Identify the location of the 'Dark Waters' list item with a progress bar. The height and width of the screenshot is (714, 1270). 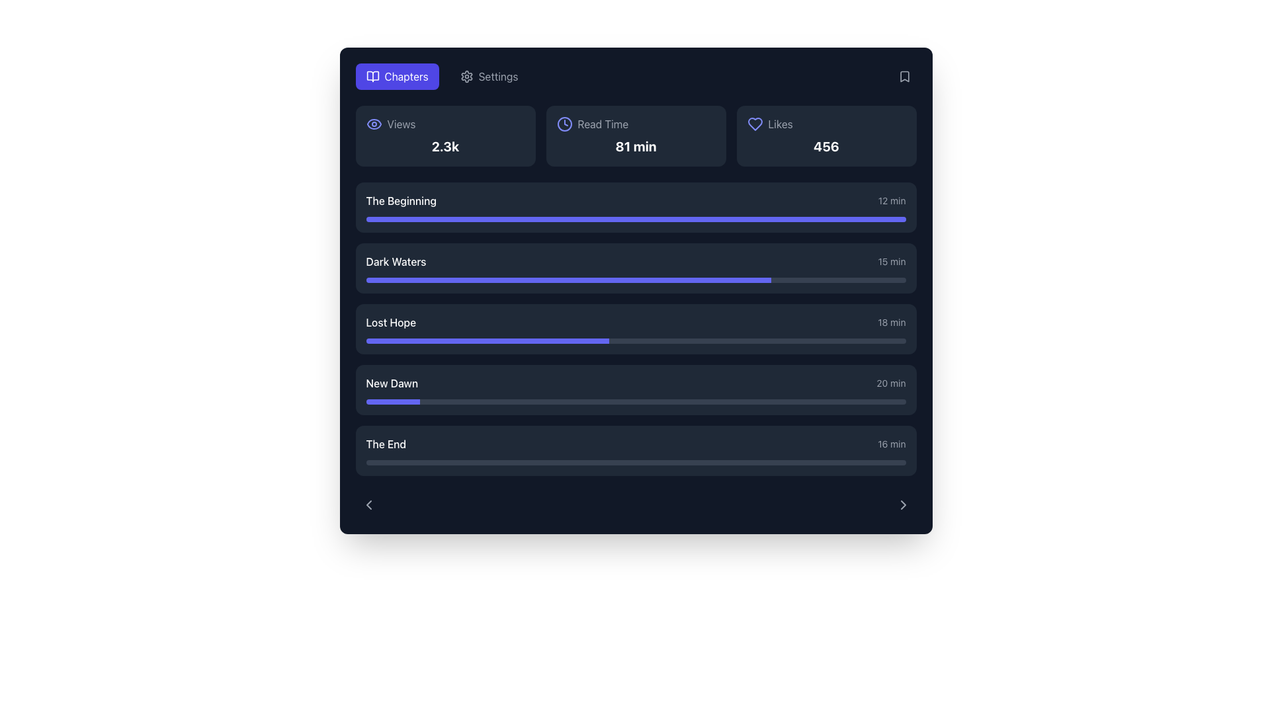
(636, 268).